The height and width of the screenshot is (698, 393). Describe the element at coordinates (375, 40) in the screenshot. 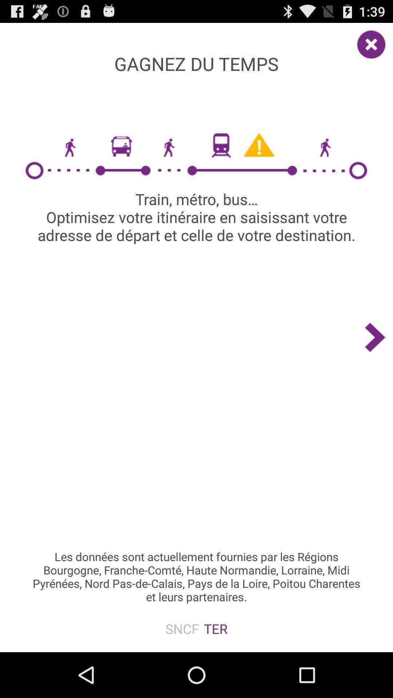

I see `the item to the right of the gagnez du temps app` at that location.